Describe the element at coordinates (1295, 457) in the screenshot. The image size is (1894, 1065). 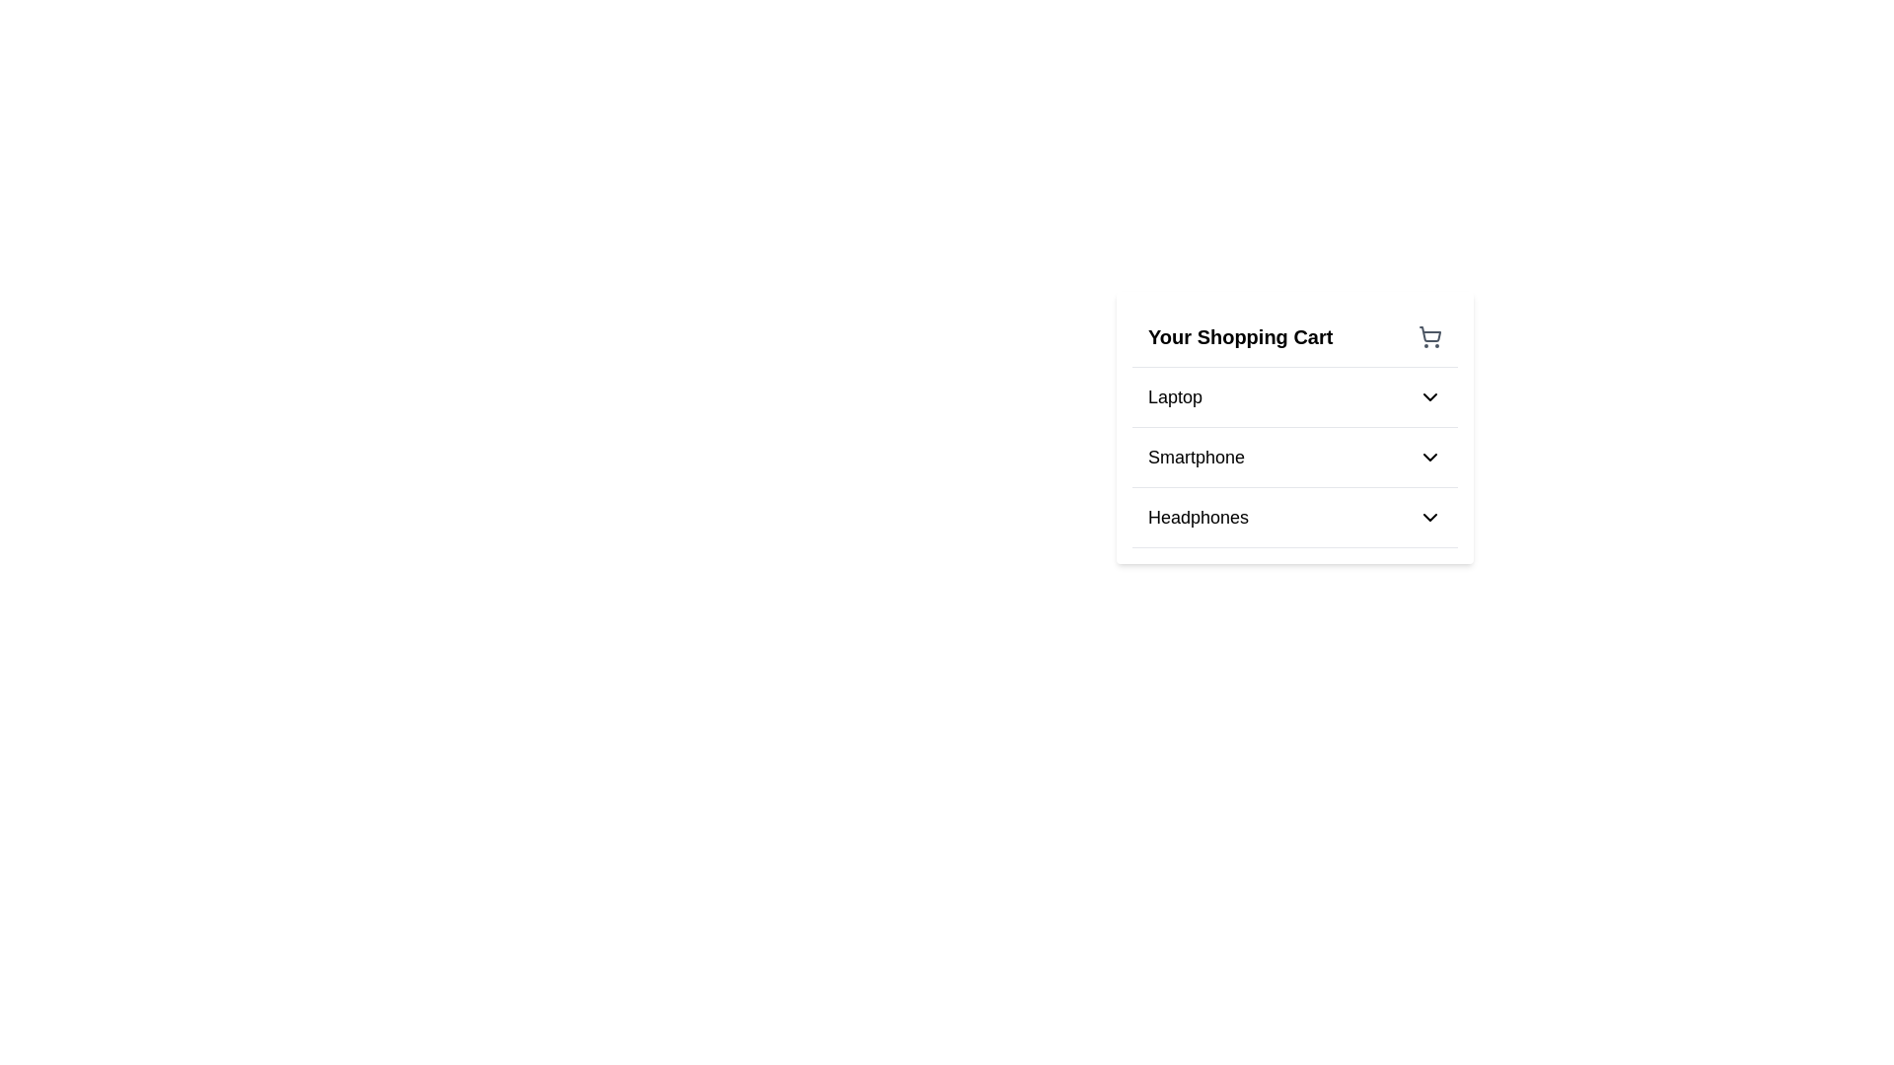
I see `the 'Smartphone' dropdown trigger element` at that location.